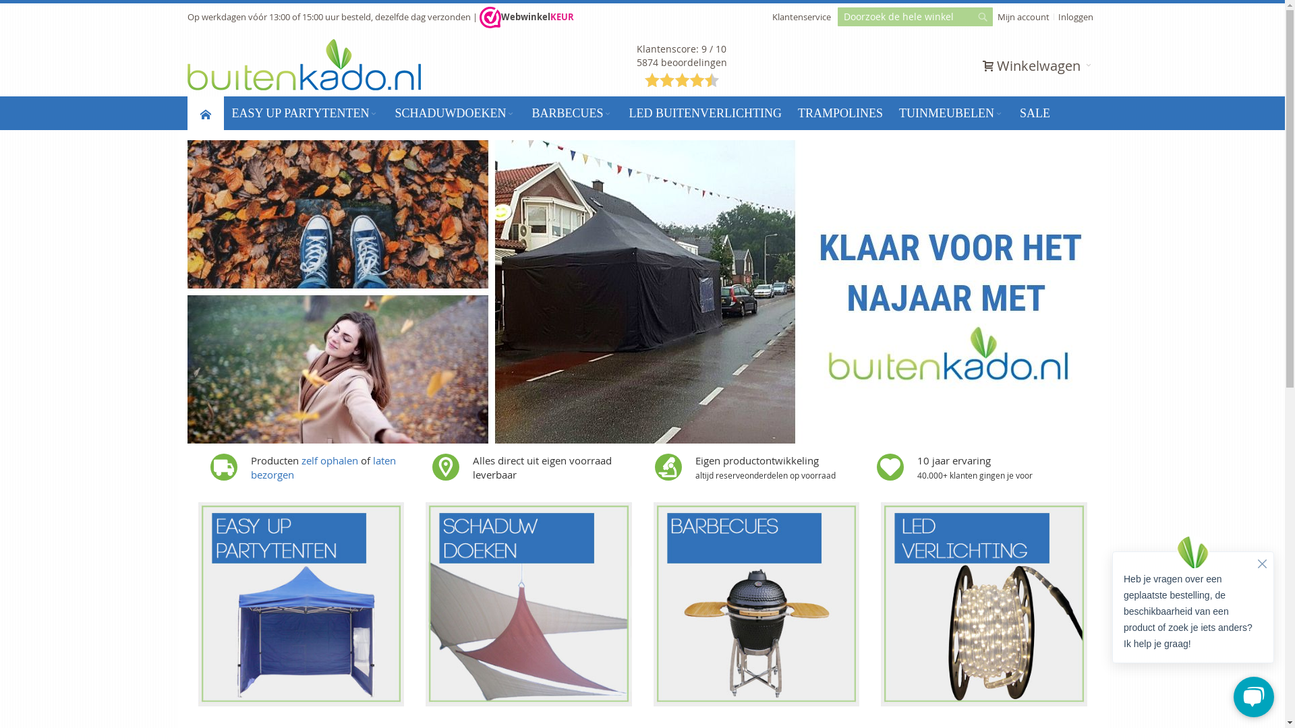 This screenshot has width=1295, height=728. I want to click on 'SALE', so click(1034, 113).